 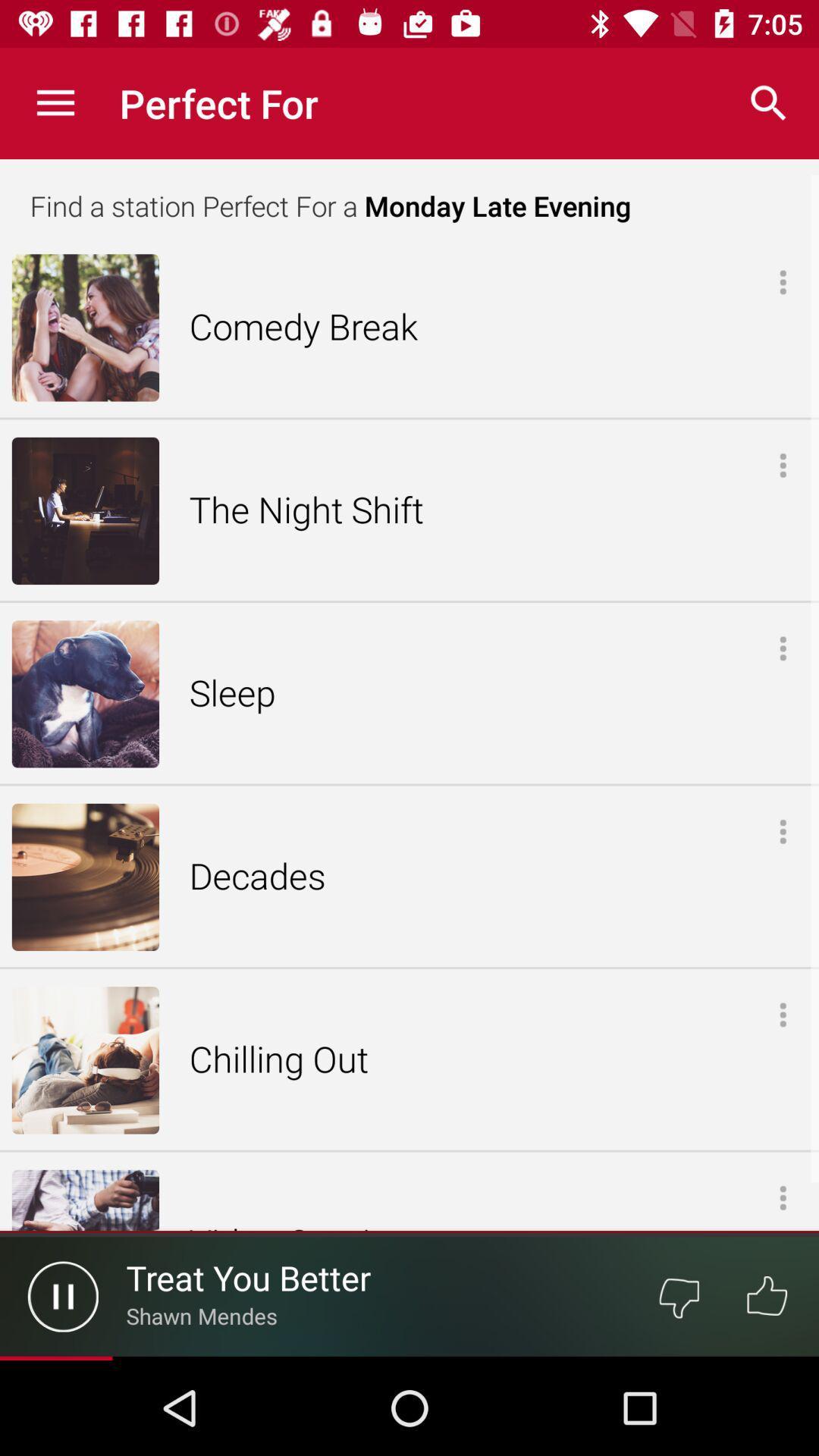 What do you see at coordinates (678, 1295) in the screenshot?
I see `the thumbs_down icon` at bounding box center [678, 1295].